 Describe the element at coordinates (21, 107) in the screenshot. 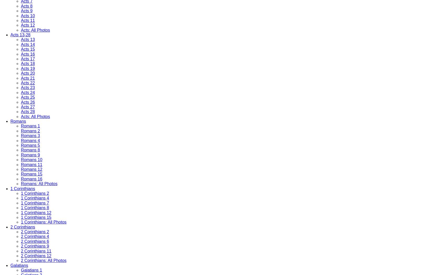

I see `'Acts 27'` at that location.